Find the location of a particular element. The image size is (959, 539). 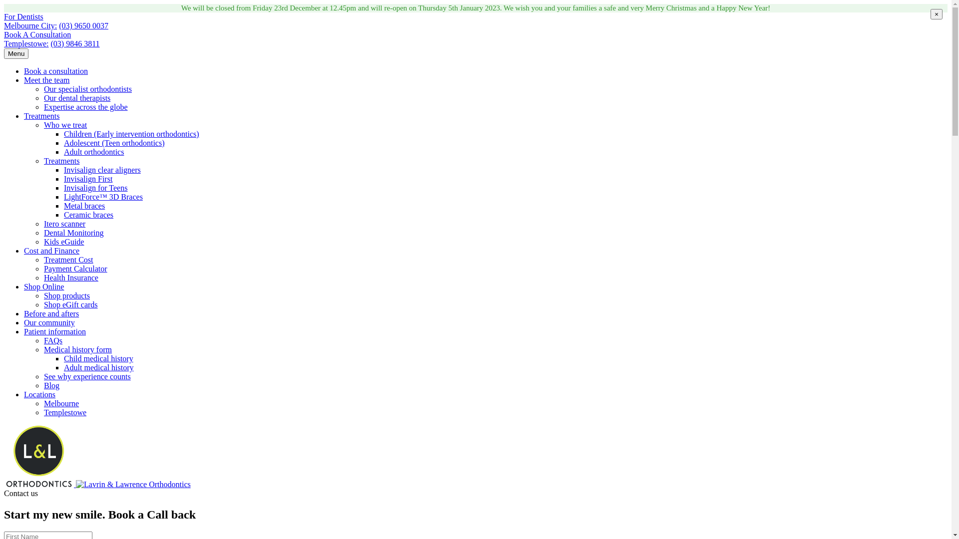

'Melbourne City:' is located at coordinates (4, 25).